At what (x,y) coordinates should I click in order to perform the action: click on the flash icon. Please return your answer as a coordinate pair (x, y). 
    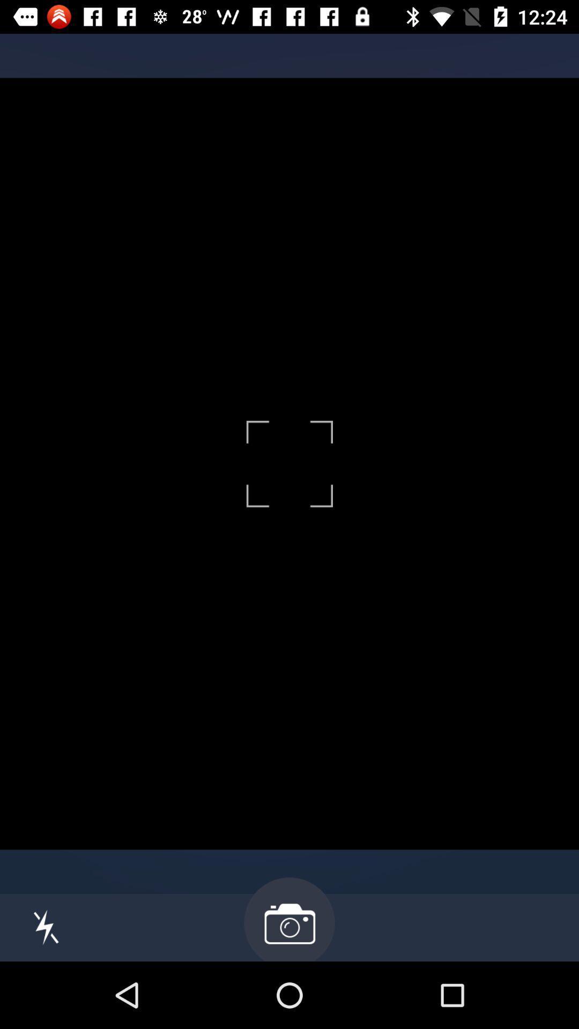
    Looking at the image, I should click on (46, 927).